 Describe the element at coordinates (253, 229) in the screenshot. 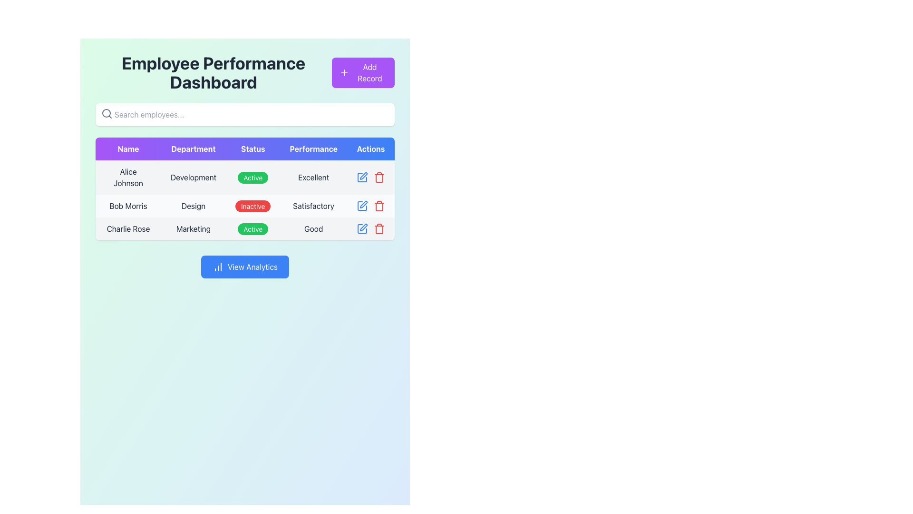

I see `the 'Active' status label styled as a badge, which is located in the 'Status' column of the row for 'Charlie Rose' in the table, indicating the 'Active' state with a green background and white text` at that location.